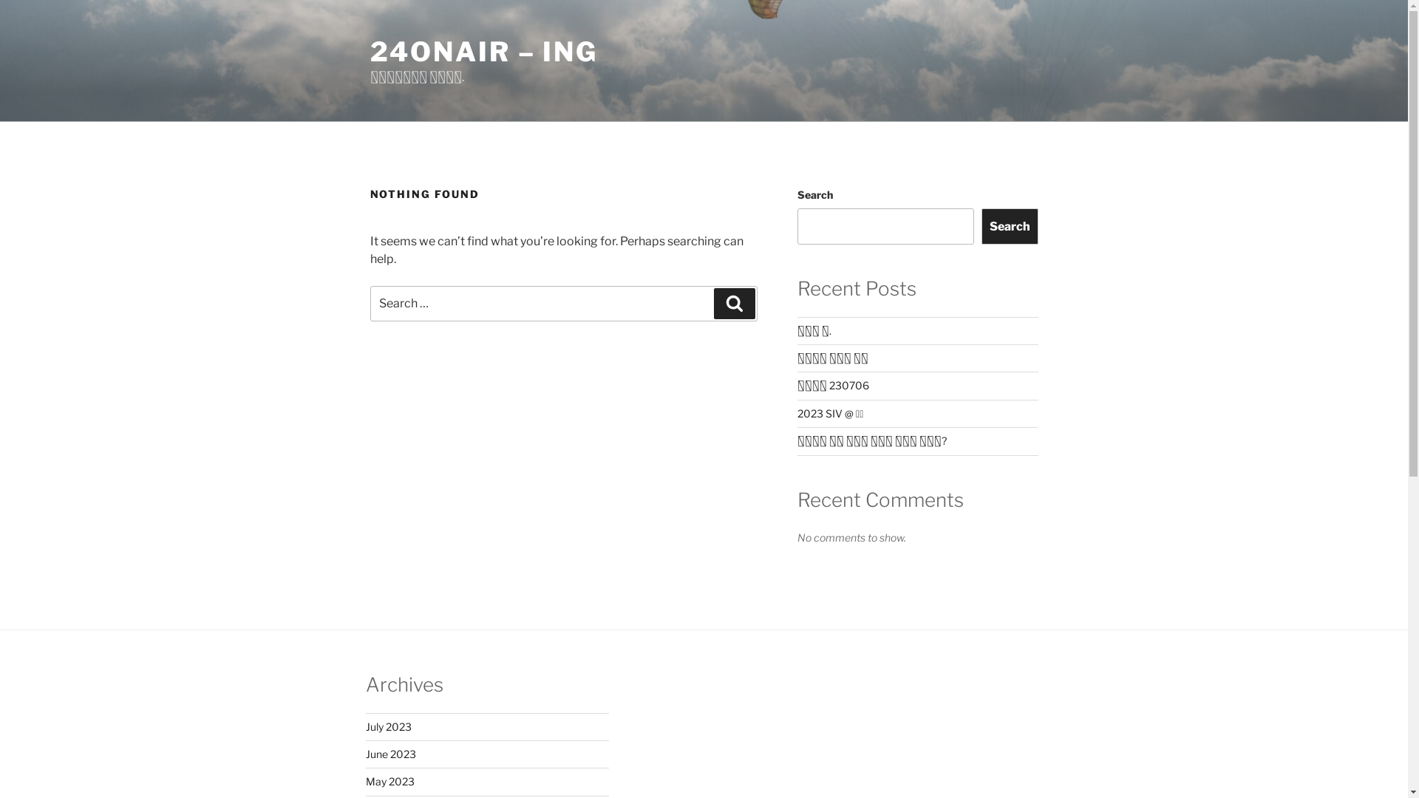 The width and height of the screenshot is (1419, 798). I want to click on 'Search', so click(981, 225).